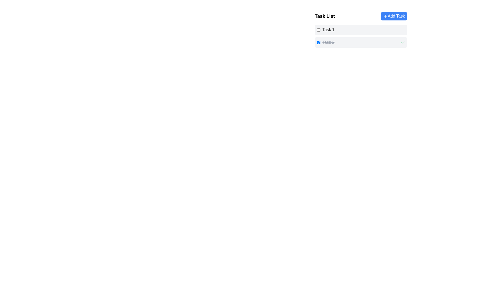 The image size is (503, 283). What do you see at coordinates (402, 42) in the screenshot?
I see `the green checkmark icon in the top right corner of the 'Task 2' row, which indicates completion or confirmation` at bounding box center [402, 42].